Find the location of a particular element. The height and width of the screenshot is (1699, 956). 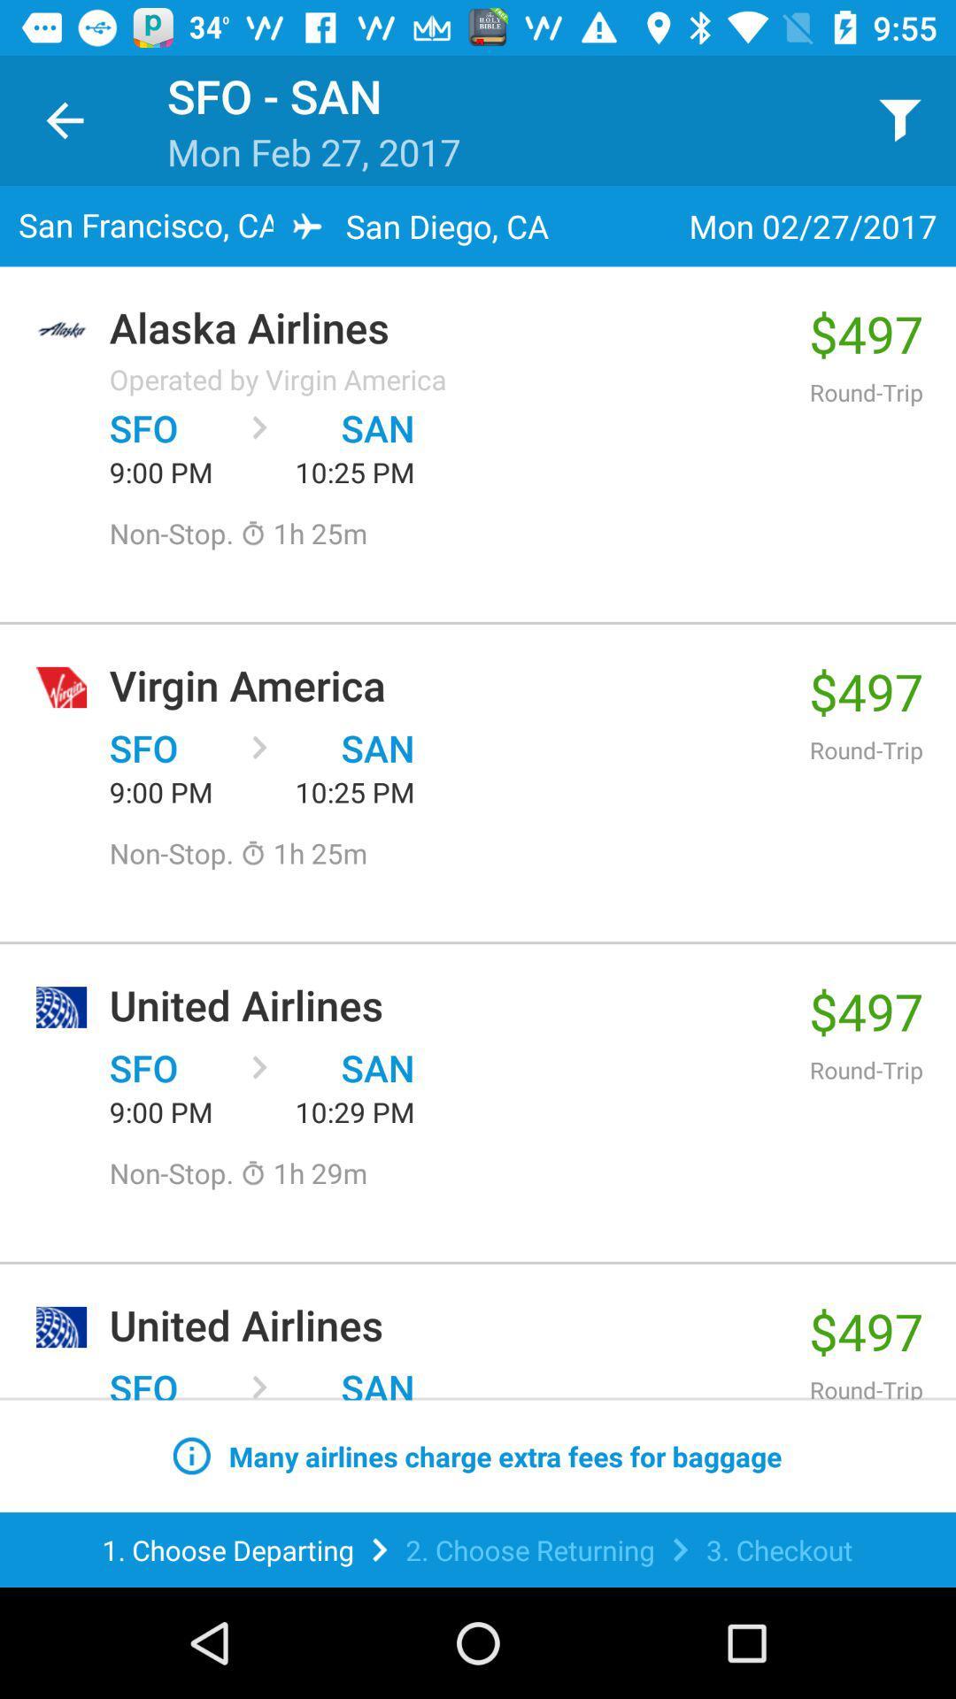

item below alaska airlines item is located at coordinates (278, 378).